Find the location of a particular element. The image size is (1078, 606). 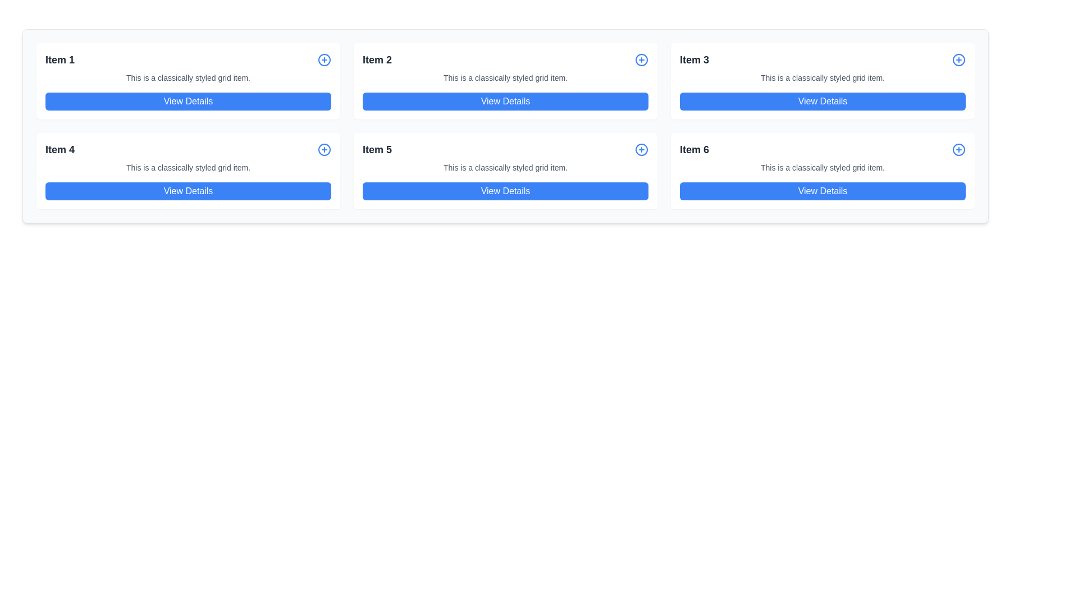

the decorative SVG Circle that forms the outer boundary of the icon for 'Item 4', located in the top-right of the 'Item 4' card is located at coordinates (323, 149).